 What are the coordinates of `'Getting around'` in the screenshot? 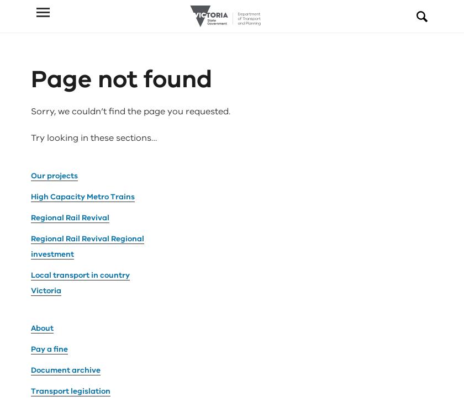 It's located at (60, 302).